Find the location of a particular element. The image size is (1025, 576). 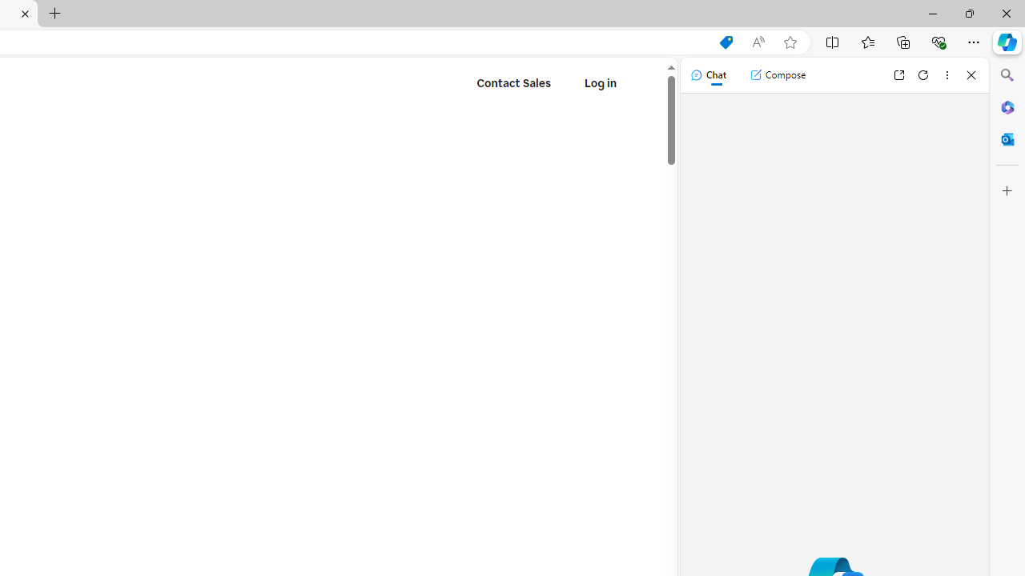

'Compose' is located at coordinates (778, 74).